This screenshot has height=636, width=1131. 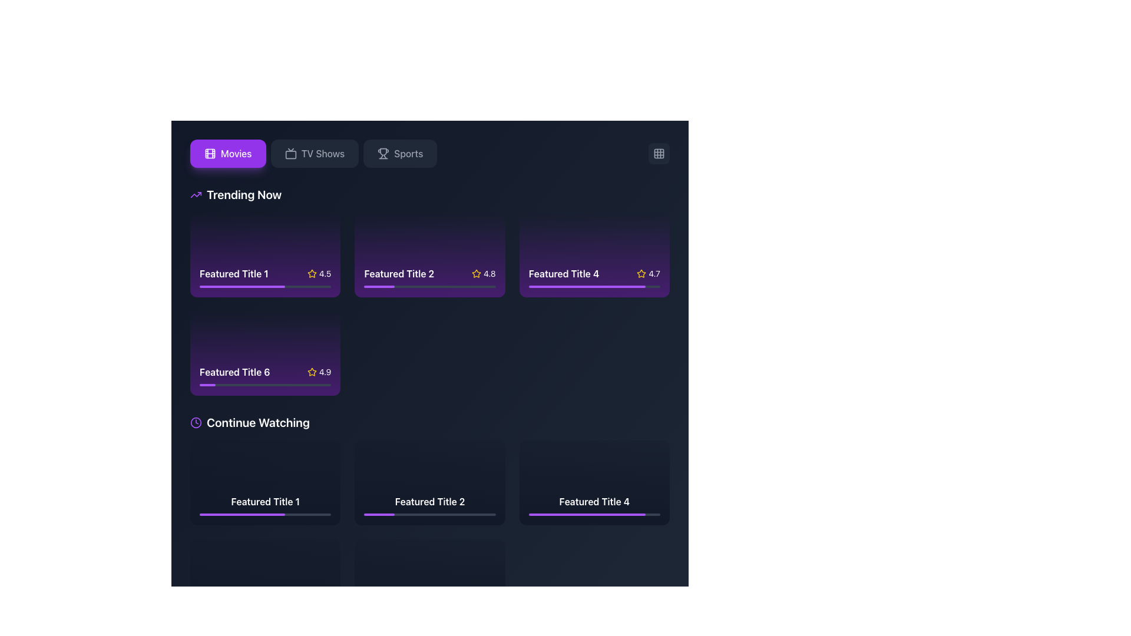 What do you see at coordinates (319, 273) in the screenshot?
I see `rating value displayed next to the yellow star icon in the 'Featured Title 1' card located in the 'Trending Now' section` at bounding box center [319, 273].